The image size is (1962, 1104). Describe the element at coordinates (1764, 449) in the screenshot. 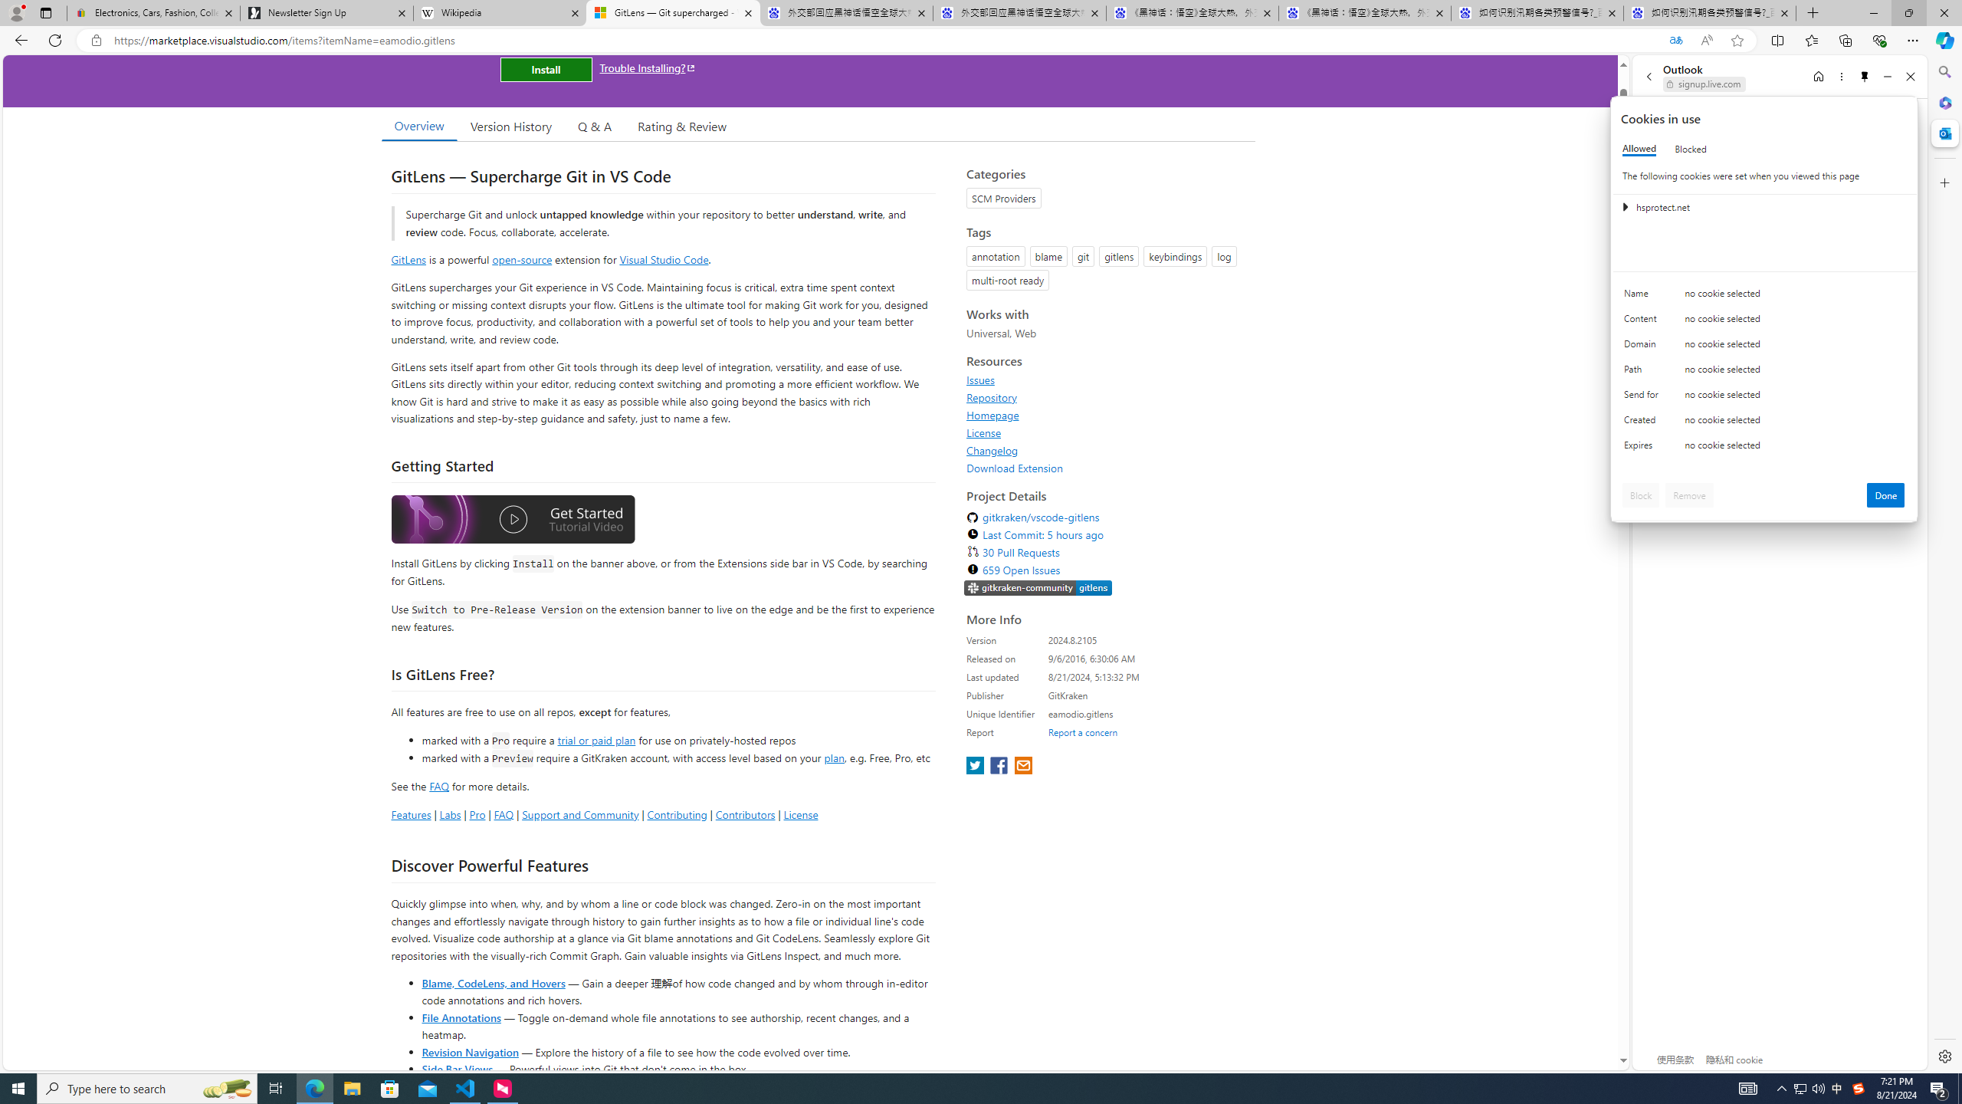

I see `'Class: c0153 c0157'` at that location.